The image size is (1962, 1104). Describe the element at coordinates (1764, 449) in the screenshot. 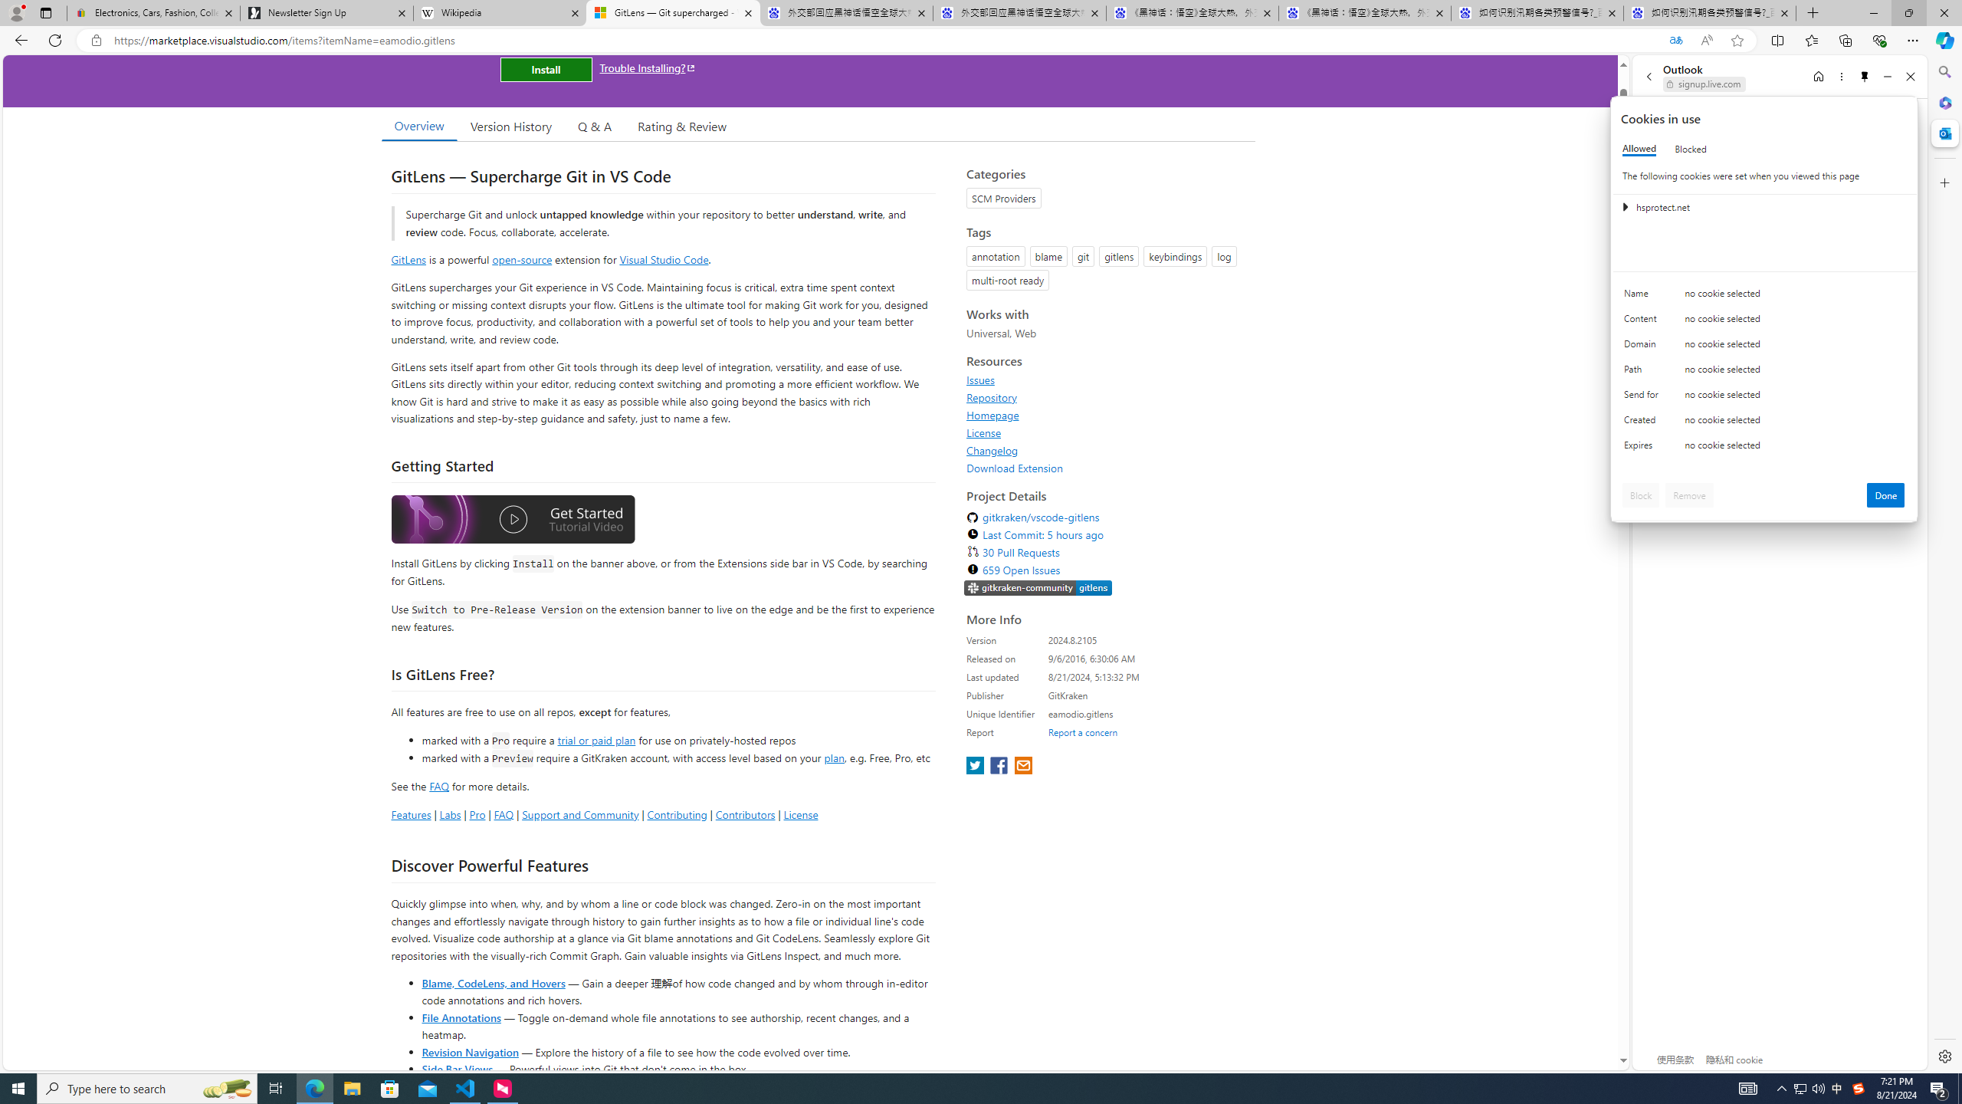

I see `'Class: c0153 c0157'` at that location.